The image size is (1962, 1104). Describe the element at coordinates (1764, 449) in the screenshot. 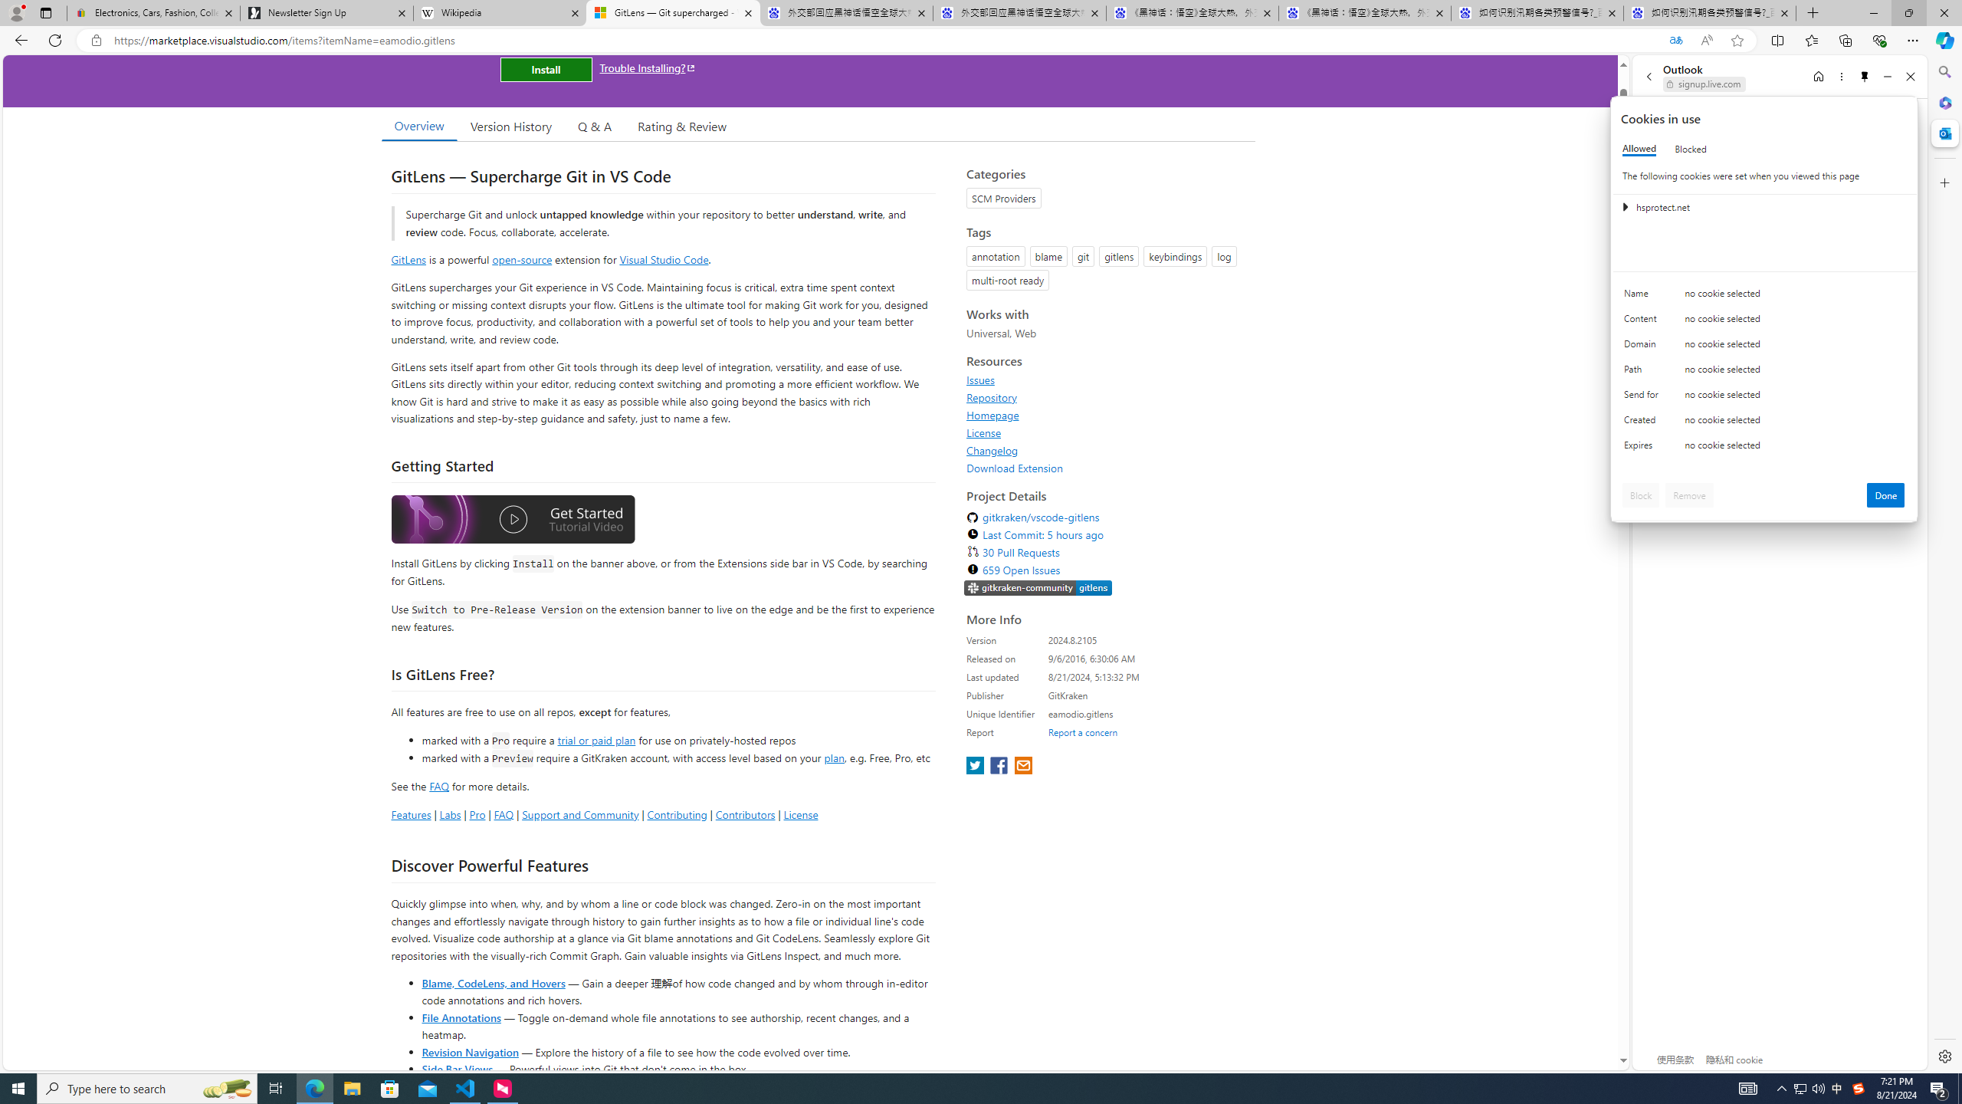

I see `'Class: c0153 c0157'` at that location.